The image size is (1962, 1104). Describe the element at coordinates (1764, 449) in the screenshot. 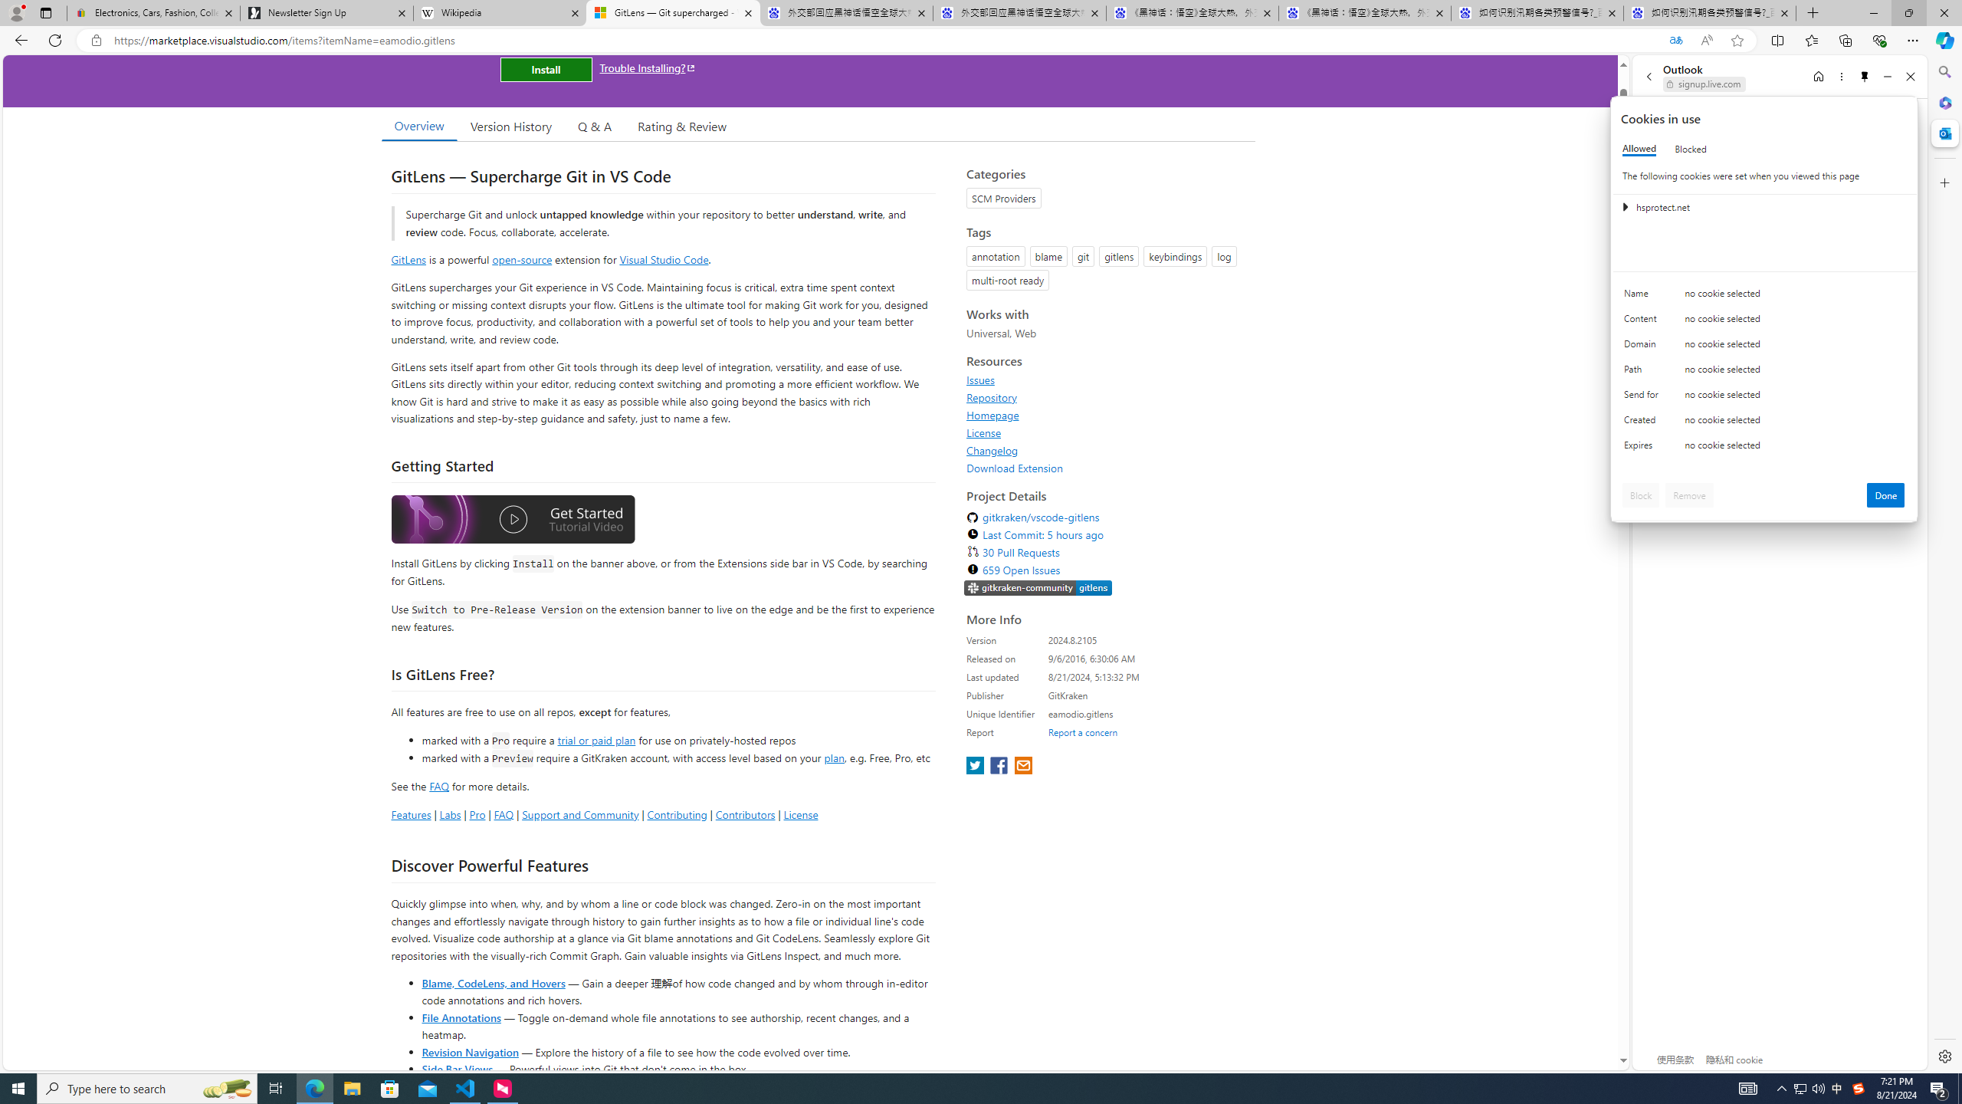

I see `'Class: c0153 c0157'` at that location.